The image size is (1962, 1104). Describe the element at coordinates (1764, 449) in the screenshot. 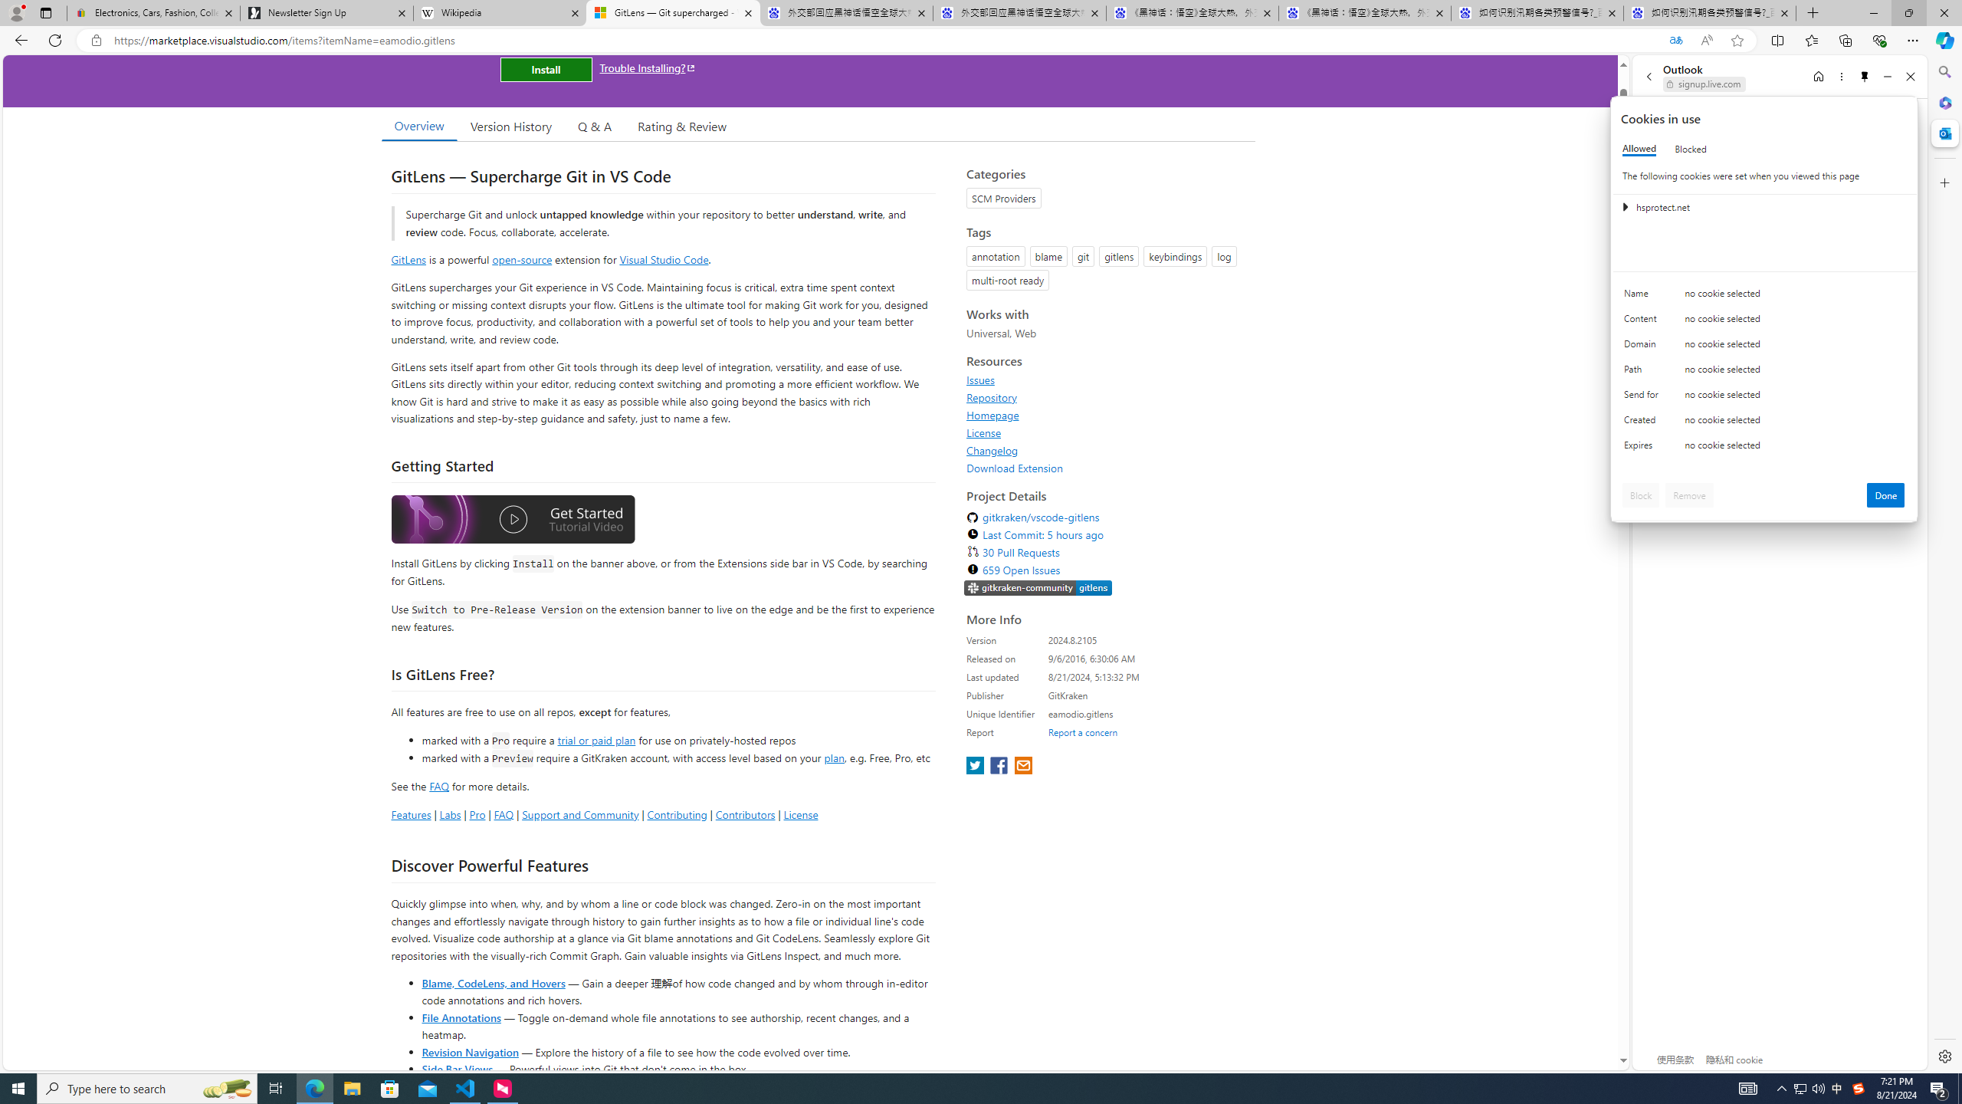

I see `'Class: c0153 c0157'` at that location.